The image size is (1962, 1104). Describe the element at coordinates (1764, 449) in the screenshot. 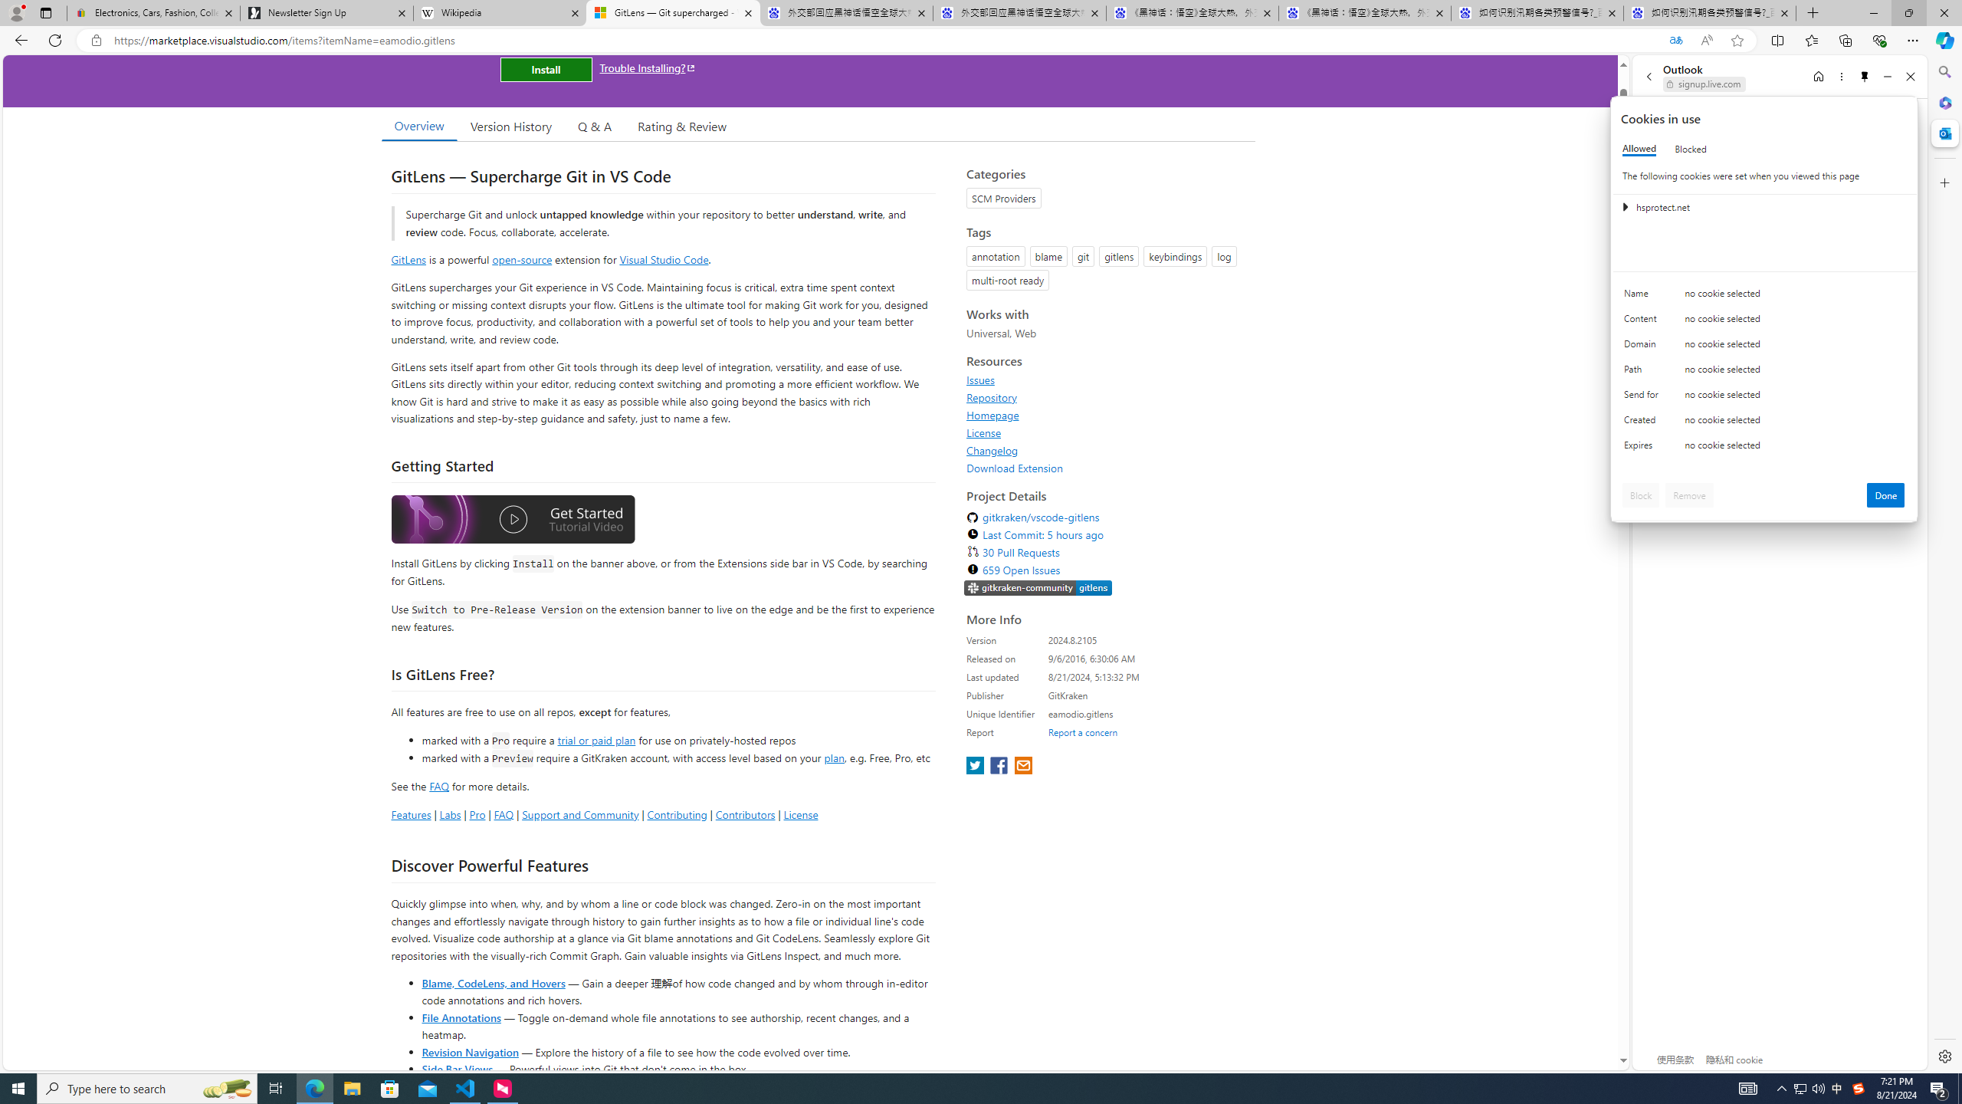

I see `'Class: c0153 c0157'` at that location.